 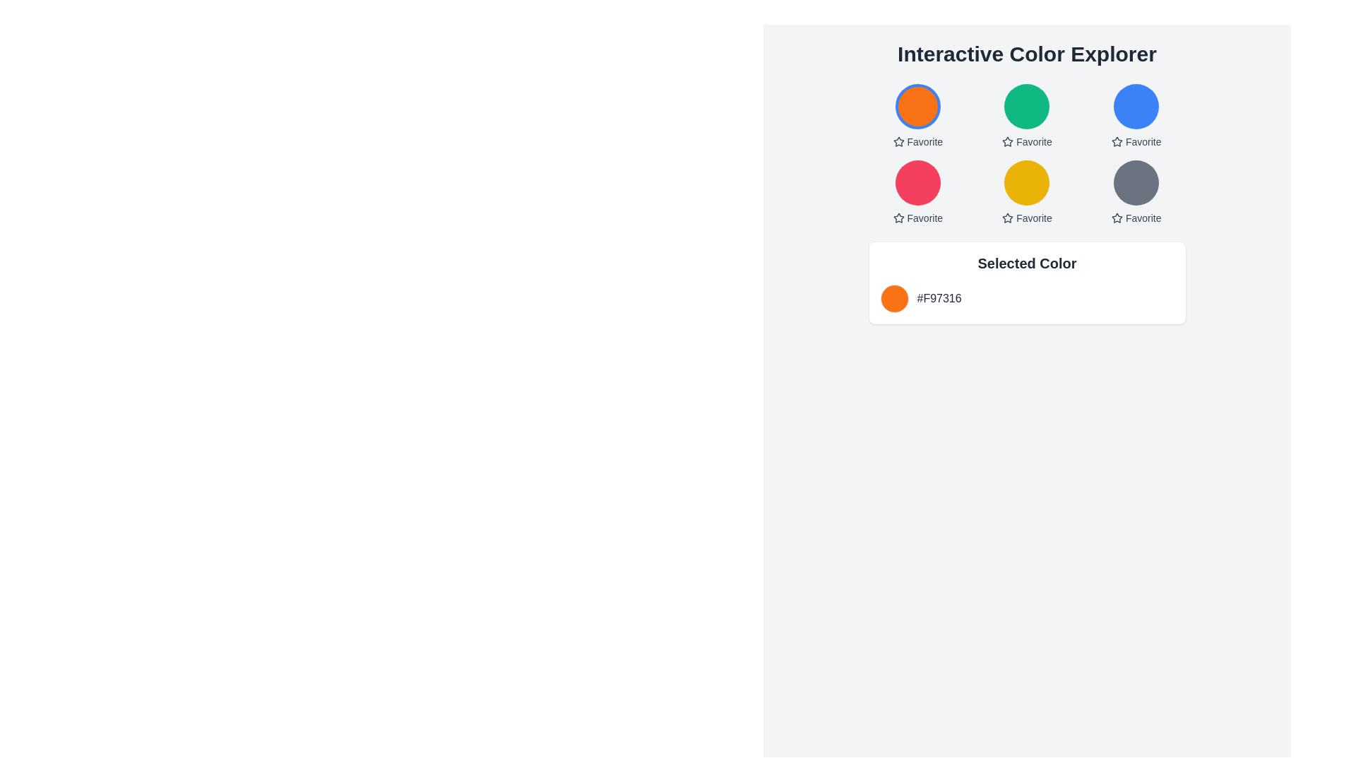 I want to click on the circular orange color indicator located within the 'Selected Color' section of the interface, so click(x=893, y=298).